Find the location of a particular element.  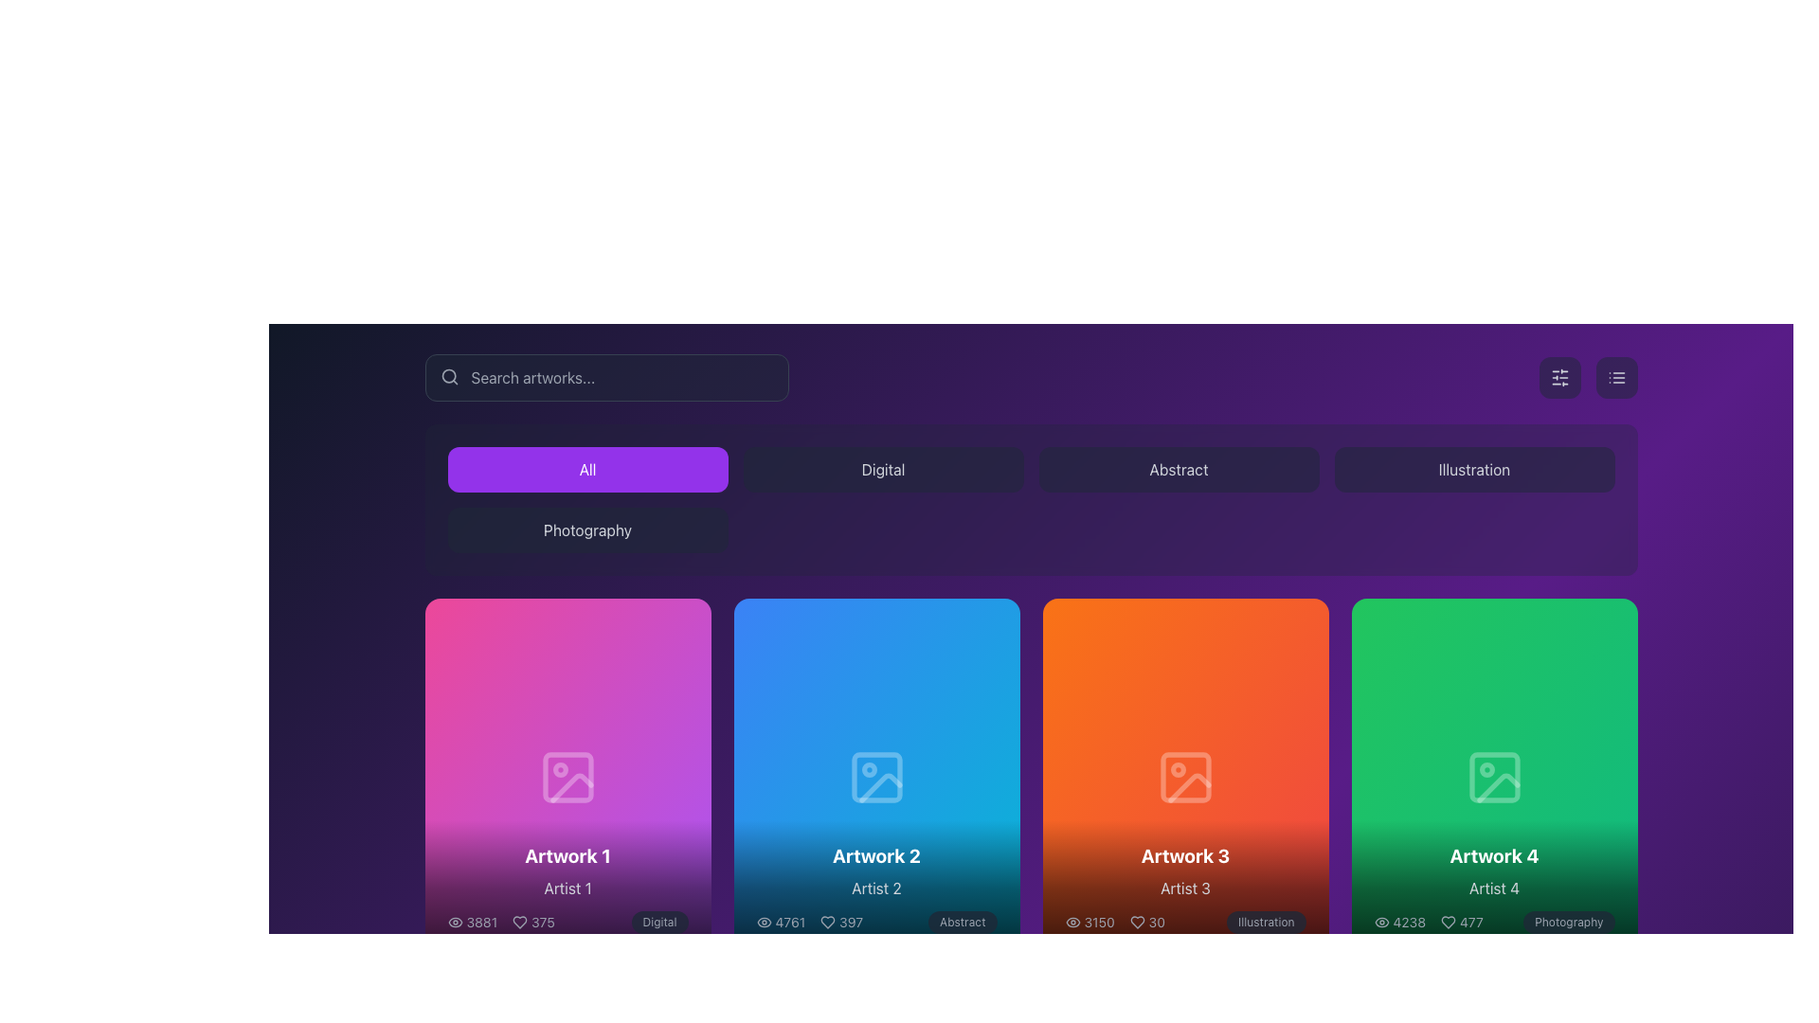

the second tile from the left in the grid, which features a blue is located at coordinates (875, 777).